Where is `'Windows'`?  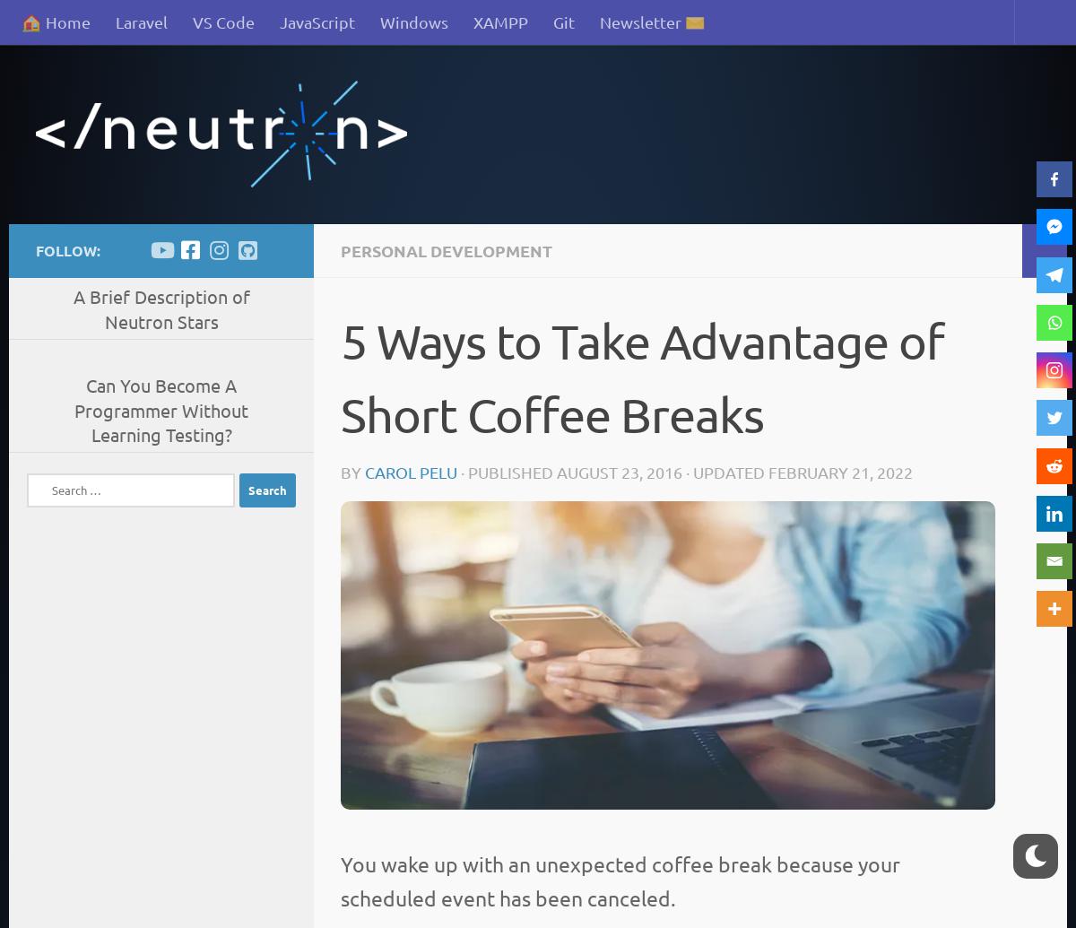
'Windows' is located at coordinates (379, 22).